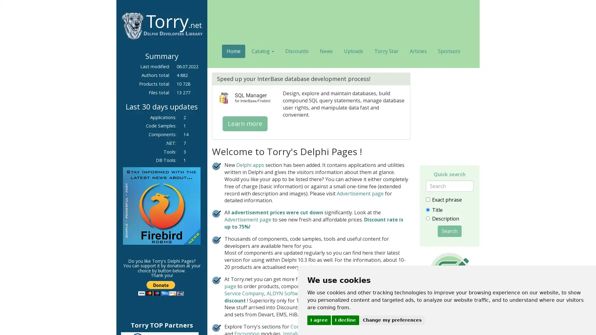 The width and height of the screenshot is (596, 335). Describe the element at coordinates (245, 123) in the screenshot. I see `Learn more` at that location.